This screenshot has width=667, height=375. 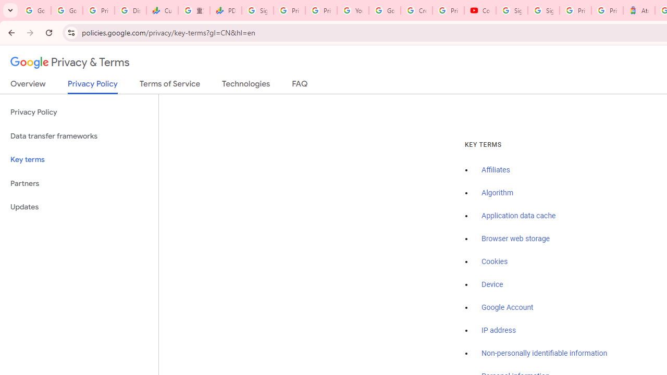 I want to click on 'Non-personally identifiable information', so click(x=544, y=353).